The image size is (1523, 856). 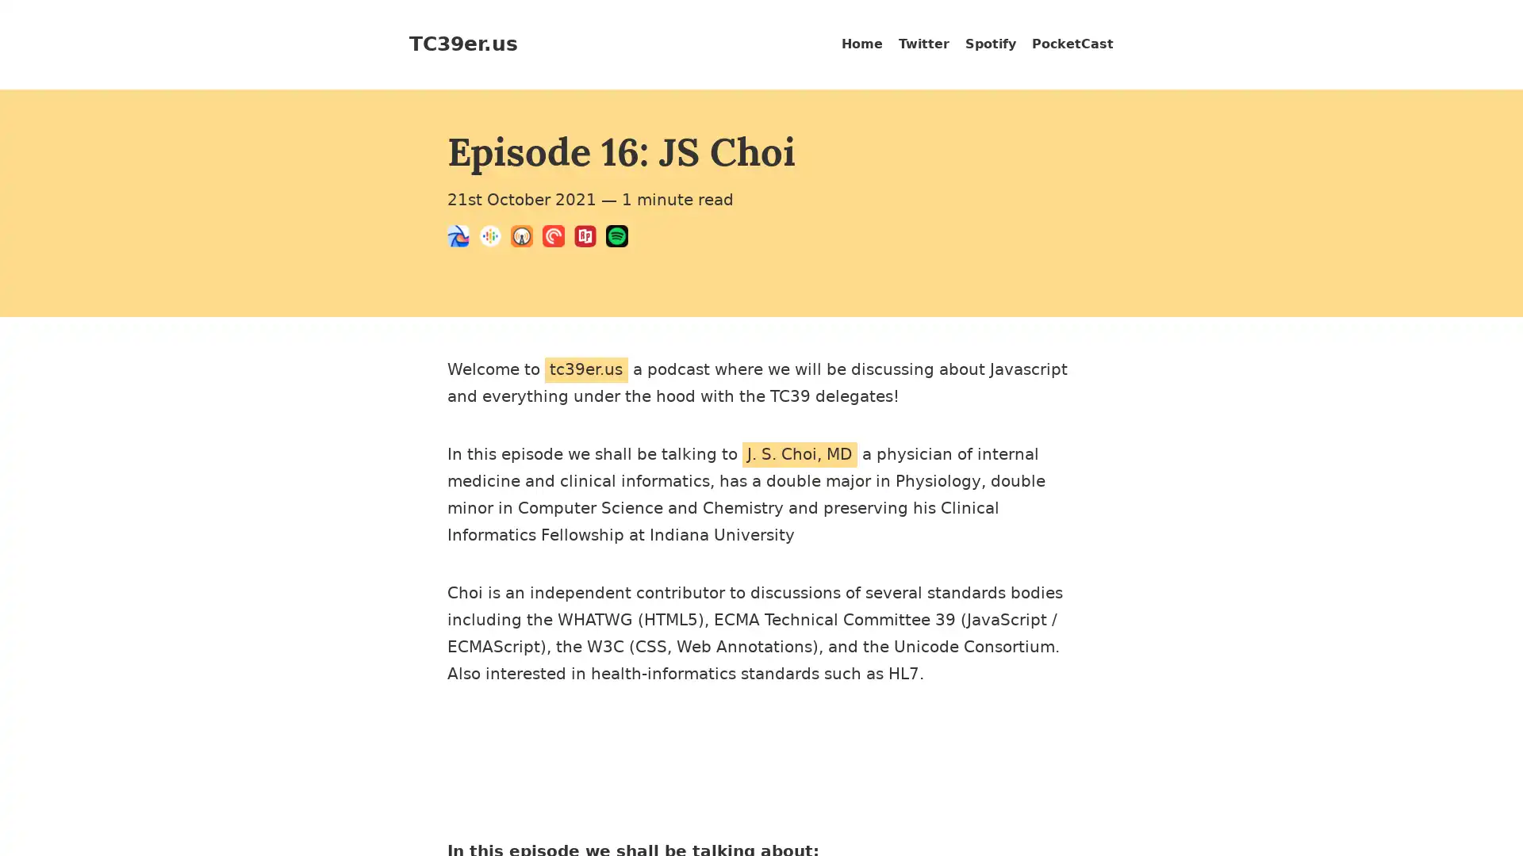 What do you see at coordinates (526, 239) in the screenshot?
I see `Overcast Logo` at bounding box center [526, 239].